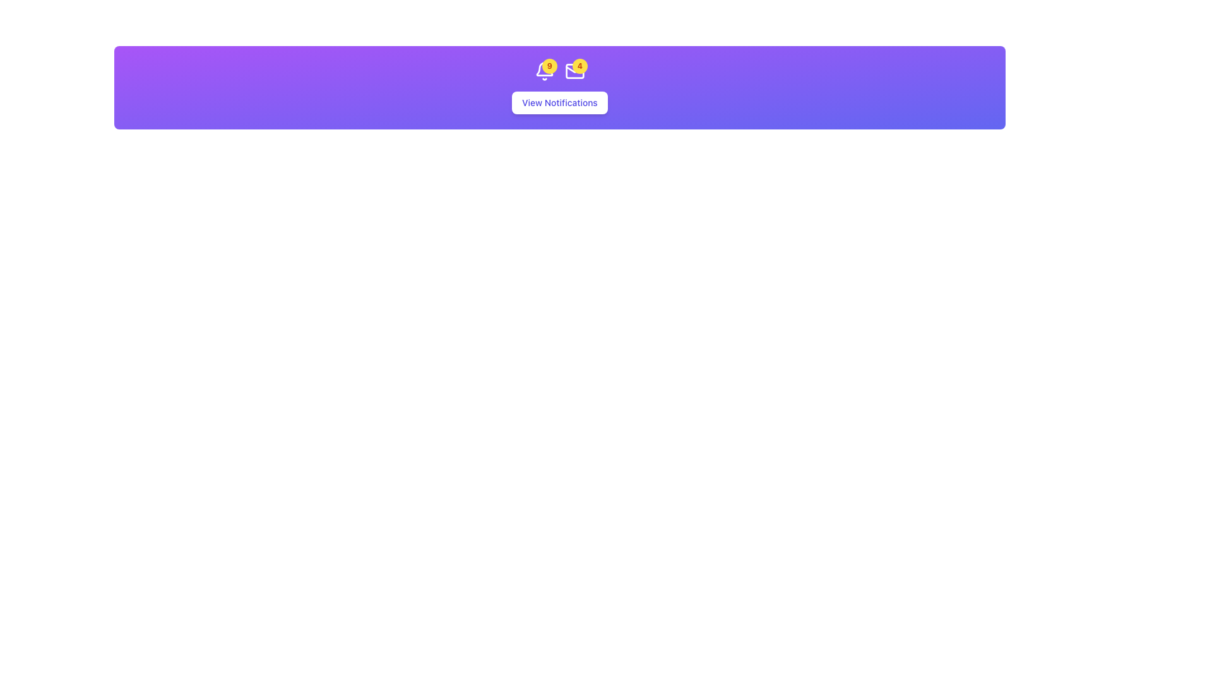 The image size is (1212, 682). Describe the element at coordinates (574, 71) in the screenshot. I see `the envelope icon associated with the notification badge located at the top-right corner of the envelope icon for more information` at that location.